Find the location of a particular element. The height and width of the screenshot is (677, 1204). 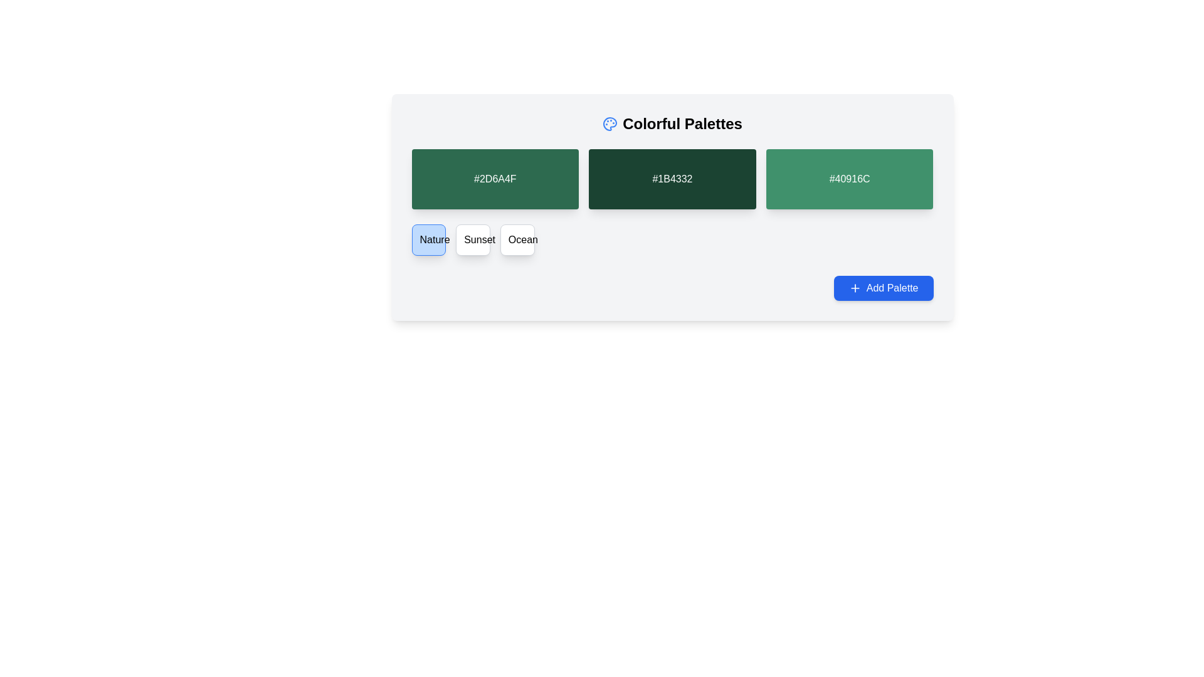

the 'Sunset' button, which is a rectangular button with a light background and rounded corners, located between the 'Nature' and 'Ocean' buttons is located at coordinates (472, 239).